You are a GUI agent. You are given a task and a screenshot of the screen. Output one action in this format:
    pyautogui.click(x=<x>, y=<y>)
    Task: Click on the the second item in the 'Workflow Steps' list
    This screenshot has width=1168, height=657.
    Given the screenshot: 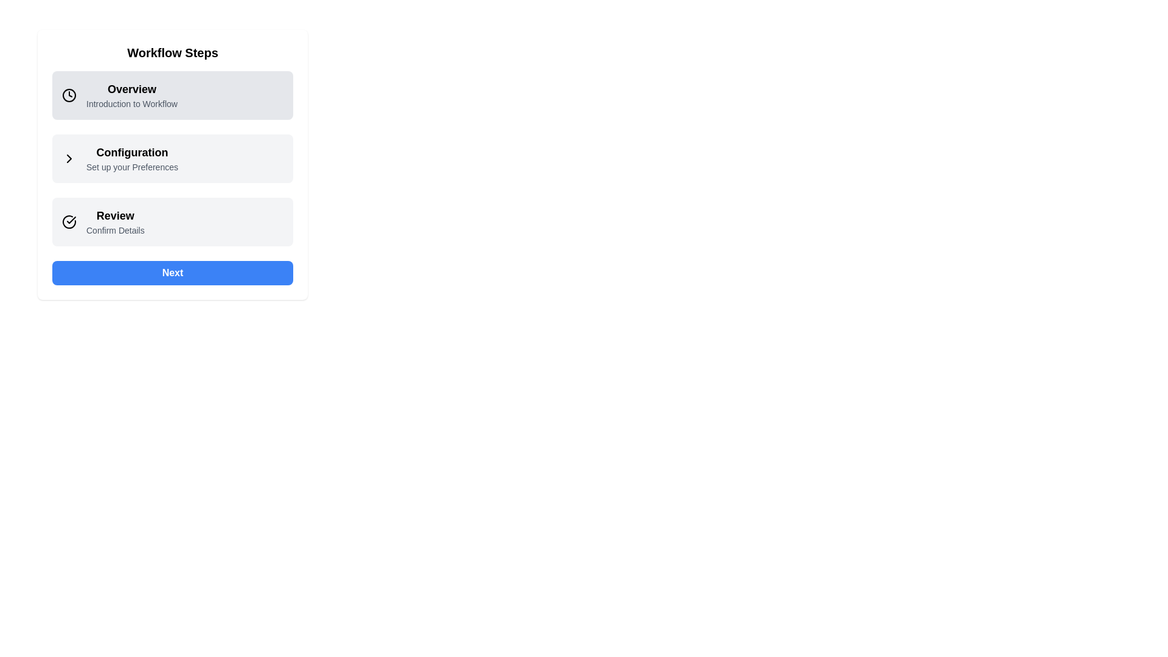 What is the action you would take?
    pyautogui.click(x=172, y=158)
    